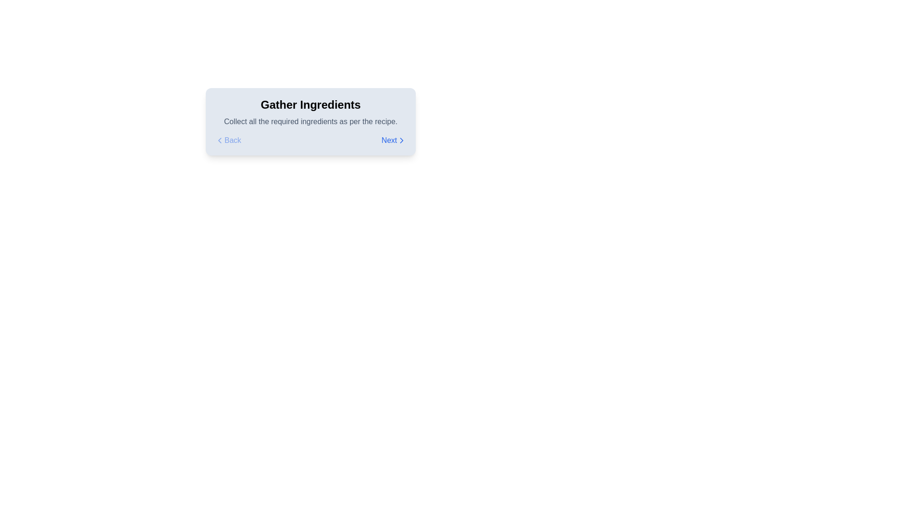  What do you see at coordinates (228, 141) in the screenshot?
I see `the 'Back' button styled with blue text and a left arrow icon` at bounding box center [228, 141].